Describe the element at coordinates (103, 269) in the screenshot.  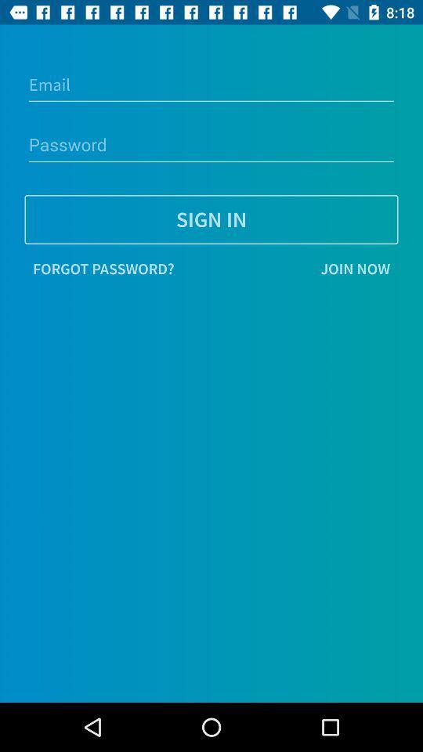
I see `the forgot password?` at that location.